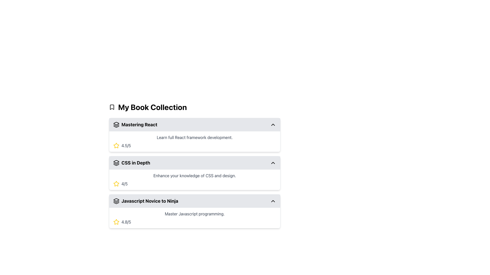 The image size is (490, 275). What do you see at coordinates (126, 145) in the screenshot?
I see `the Text Label displaying the average user rating for the item titled 'Mastering React', located below the title and to the right of the yellow star icon, to understand its context in relation to ratings` at bounding box center [126, 145].